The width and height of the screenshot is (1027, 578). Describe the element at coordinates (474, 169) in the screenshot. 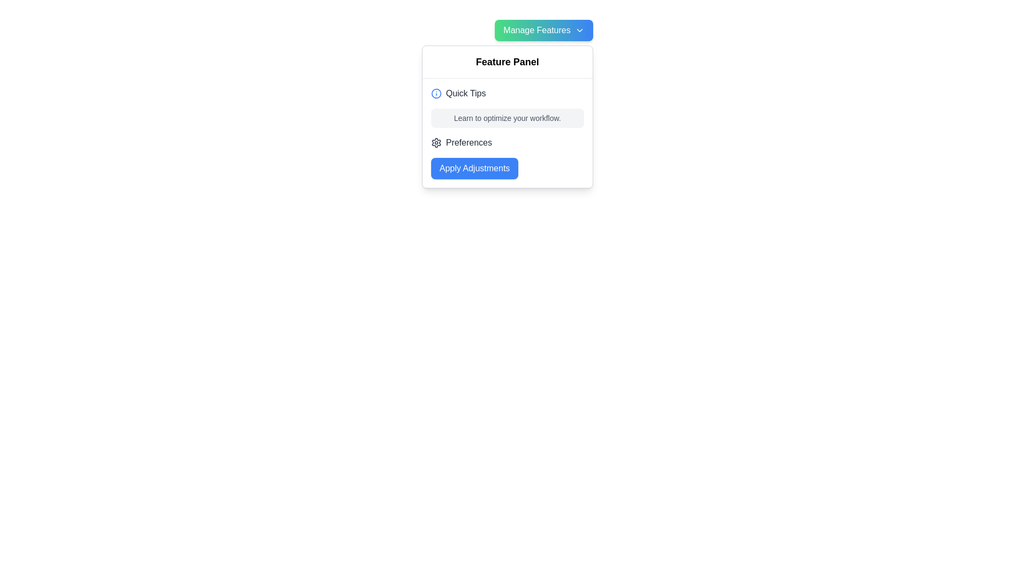

I see `the rectangular button labeled 'Apply Adjustments' with a blue background` at that location.